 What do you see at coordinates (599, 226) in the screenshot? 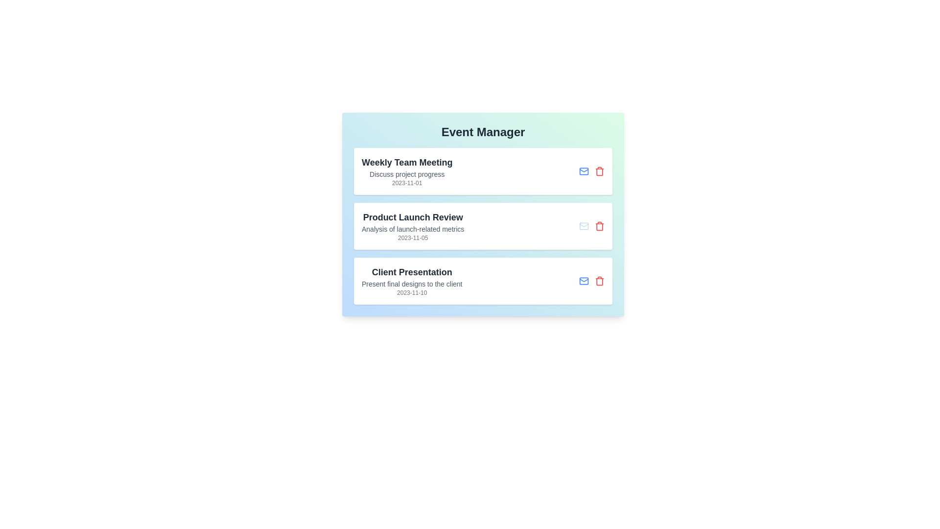
I see `the delete button associated with the event titled 'Product Launch Review'` at bounding box center [599, 226].